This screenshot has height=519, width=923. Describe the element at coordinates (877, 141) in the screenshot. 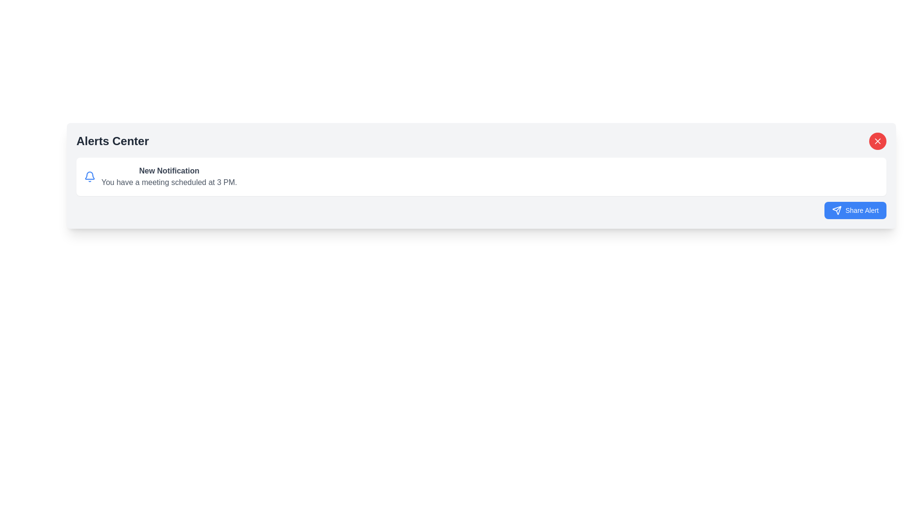

I see `the circular red button with a white 'X' icon` at that location.